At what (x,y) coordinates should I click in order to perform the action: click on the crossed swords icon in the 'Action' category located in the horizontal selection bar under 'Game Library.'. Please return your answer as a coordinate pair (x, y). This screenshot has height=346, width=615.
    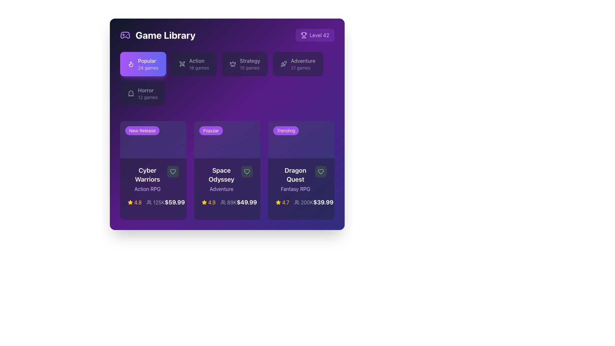
    Looking at the image, I should click on (182, 64).